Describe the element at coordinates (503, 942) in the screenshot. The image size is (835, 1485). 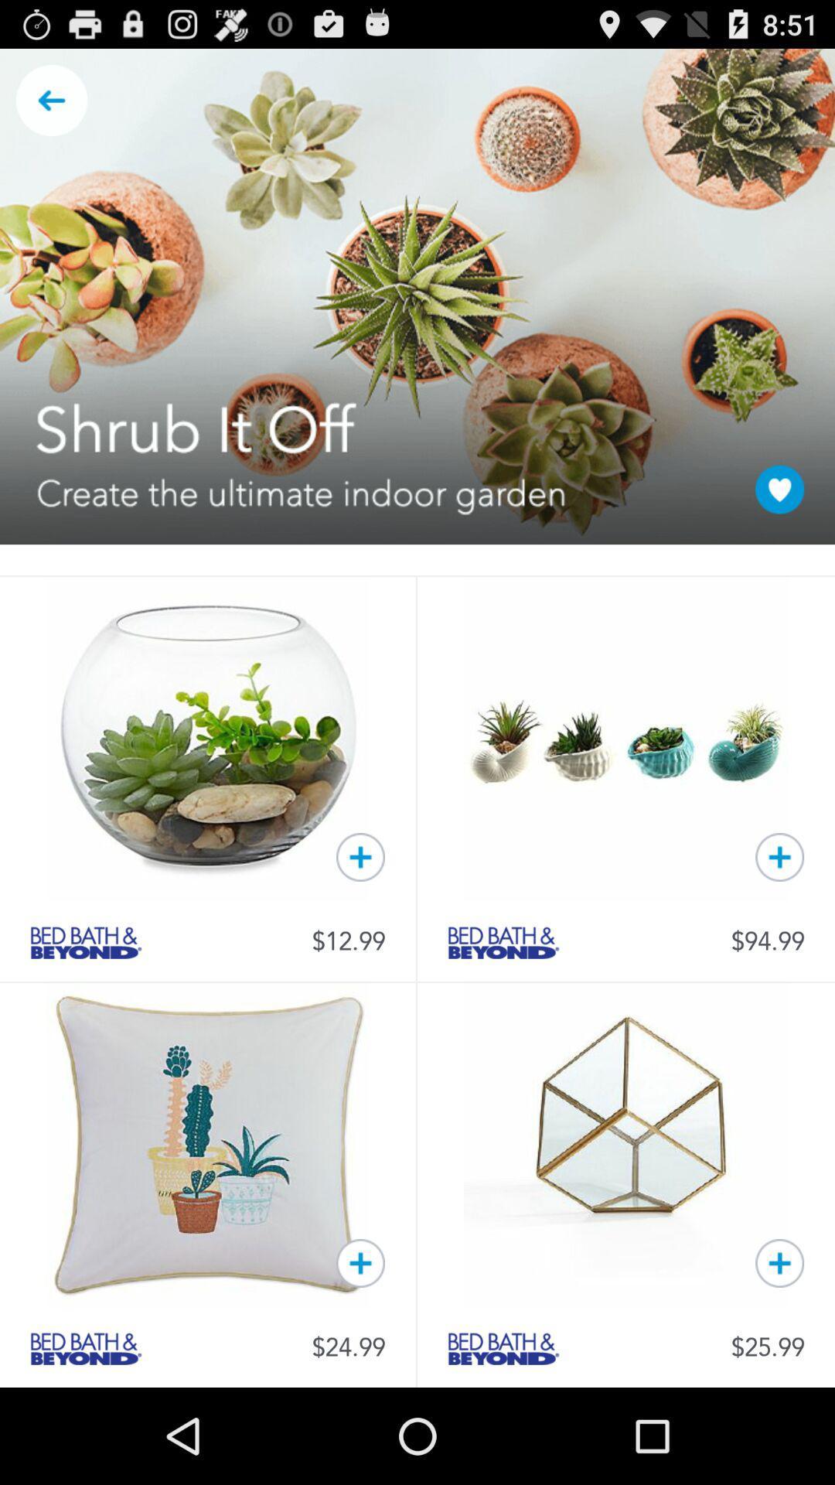
I see `seller` at that location.